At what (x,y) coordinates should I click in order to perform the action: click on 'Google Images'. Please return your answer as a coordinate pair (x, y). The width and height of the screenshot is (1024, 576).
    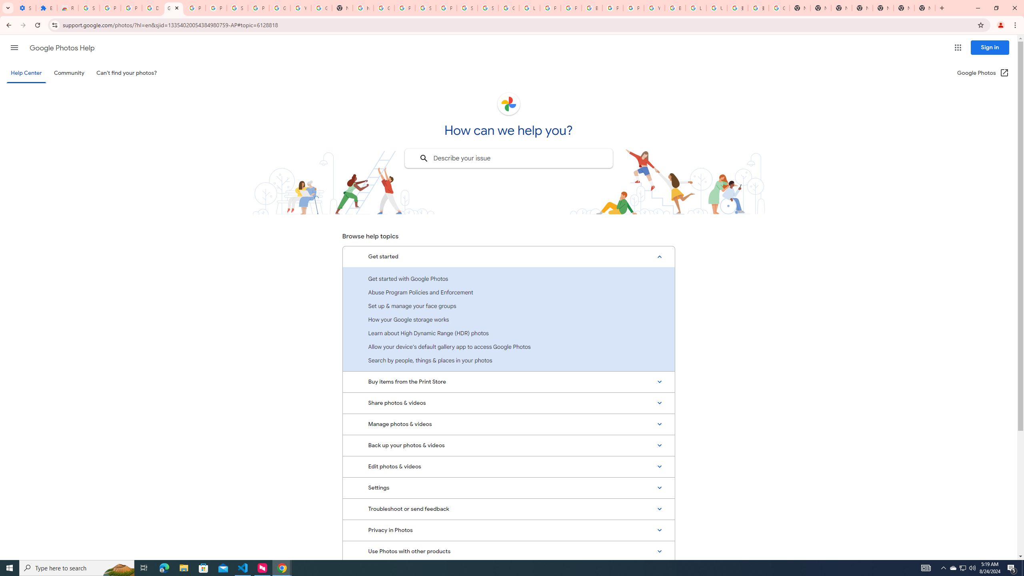
    Looking at the image, I should click on (779, 8).